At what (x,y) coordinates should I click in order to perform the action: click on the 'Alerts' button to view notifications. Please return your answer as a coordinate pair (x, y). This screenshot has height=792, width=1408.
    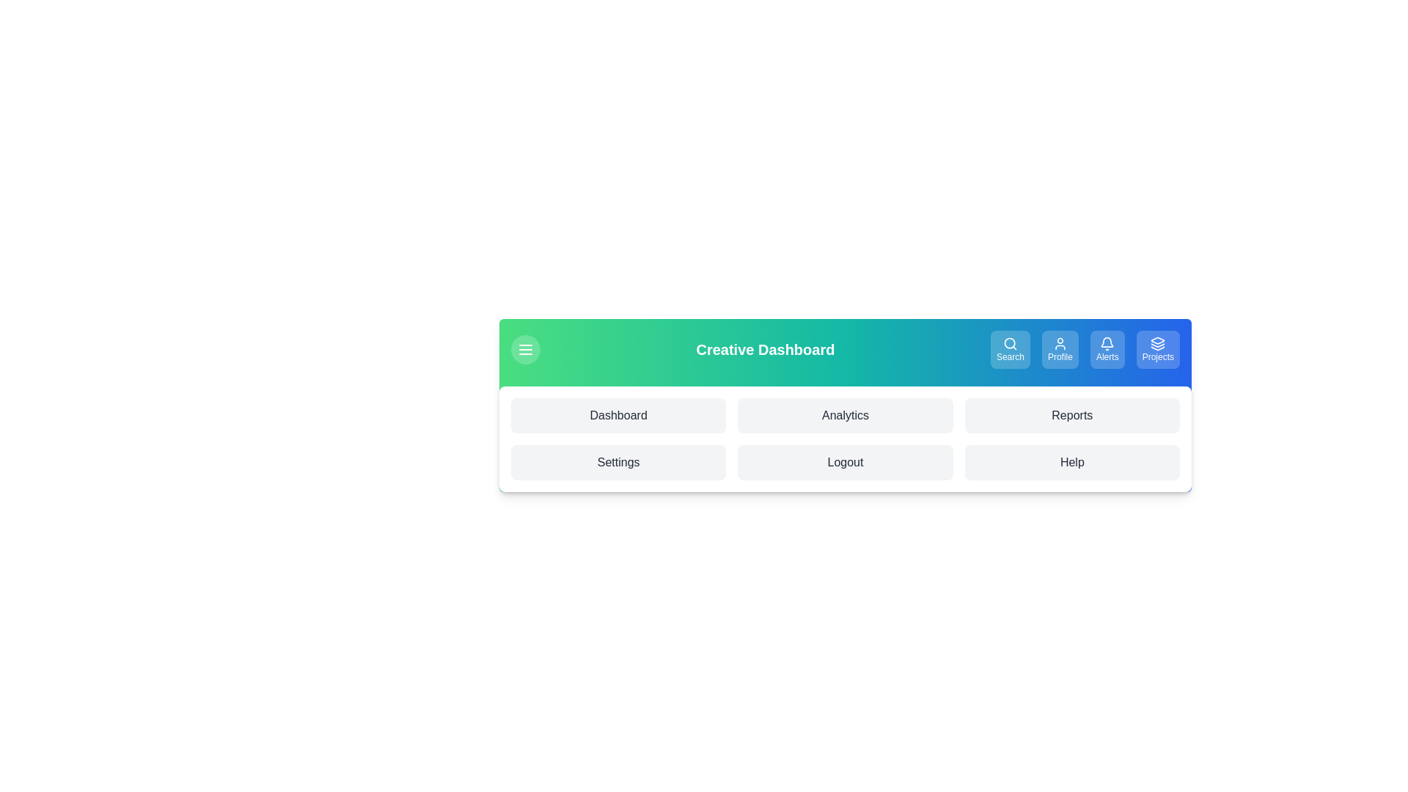
    Looking at the image, I should click on (1107, 350).